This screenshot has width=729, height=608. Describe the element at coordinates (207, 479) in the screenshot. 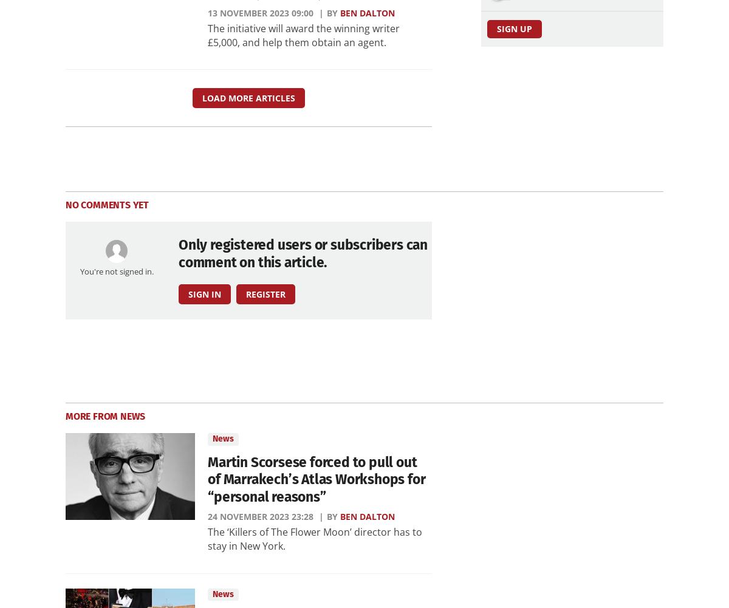

I see `'Martin Scorsese forced to pull out of Marrakech’s Atlas Workshops for “personal reasons”'` at that location.